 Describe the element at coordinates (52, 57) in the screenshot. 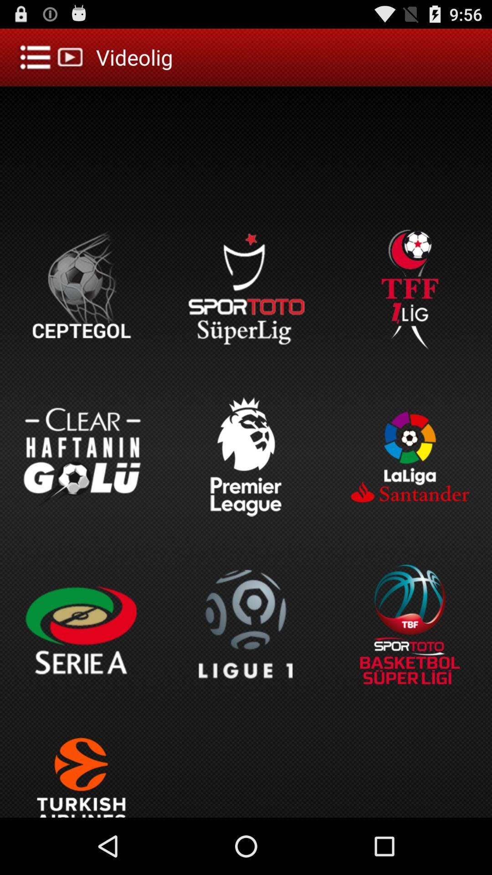

I see `the icon beside the videolig` at that location.